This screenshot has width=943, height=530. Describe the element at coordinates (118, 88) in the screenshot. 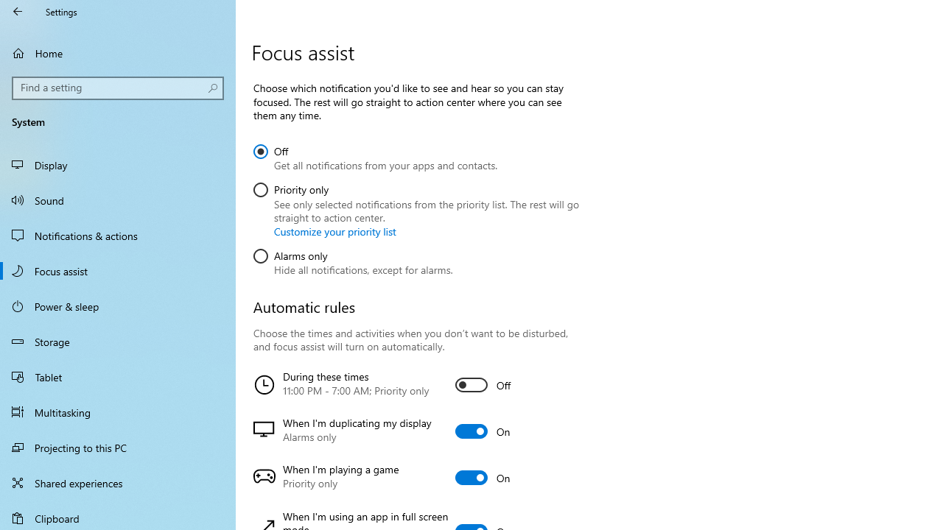

I see `'Search box, Find a setting'` at that location.